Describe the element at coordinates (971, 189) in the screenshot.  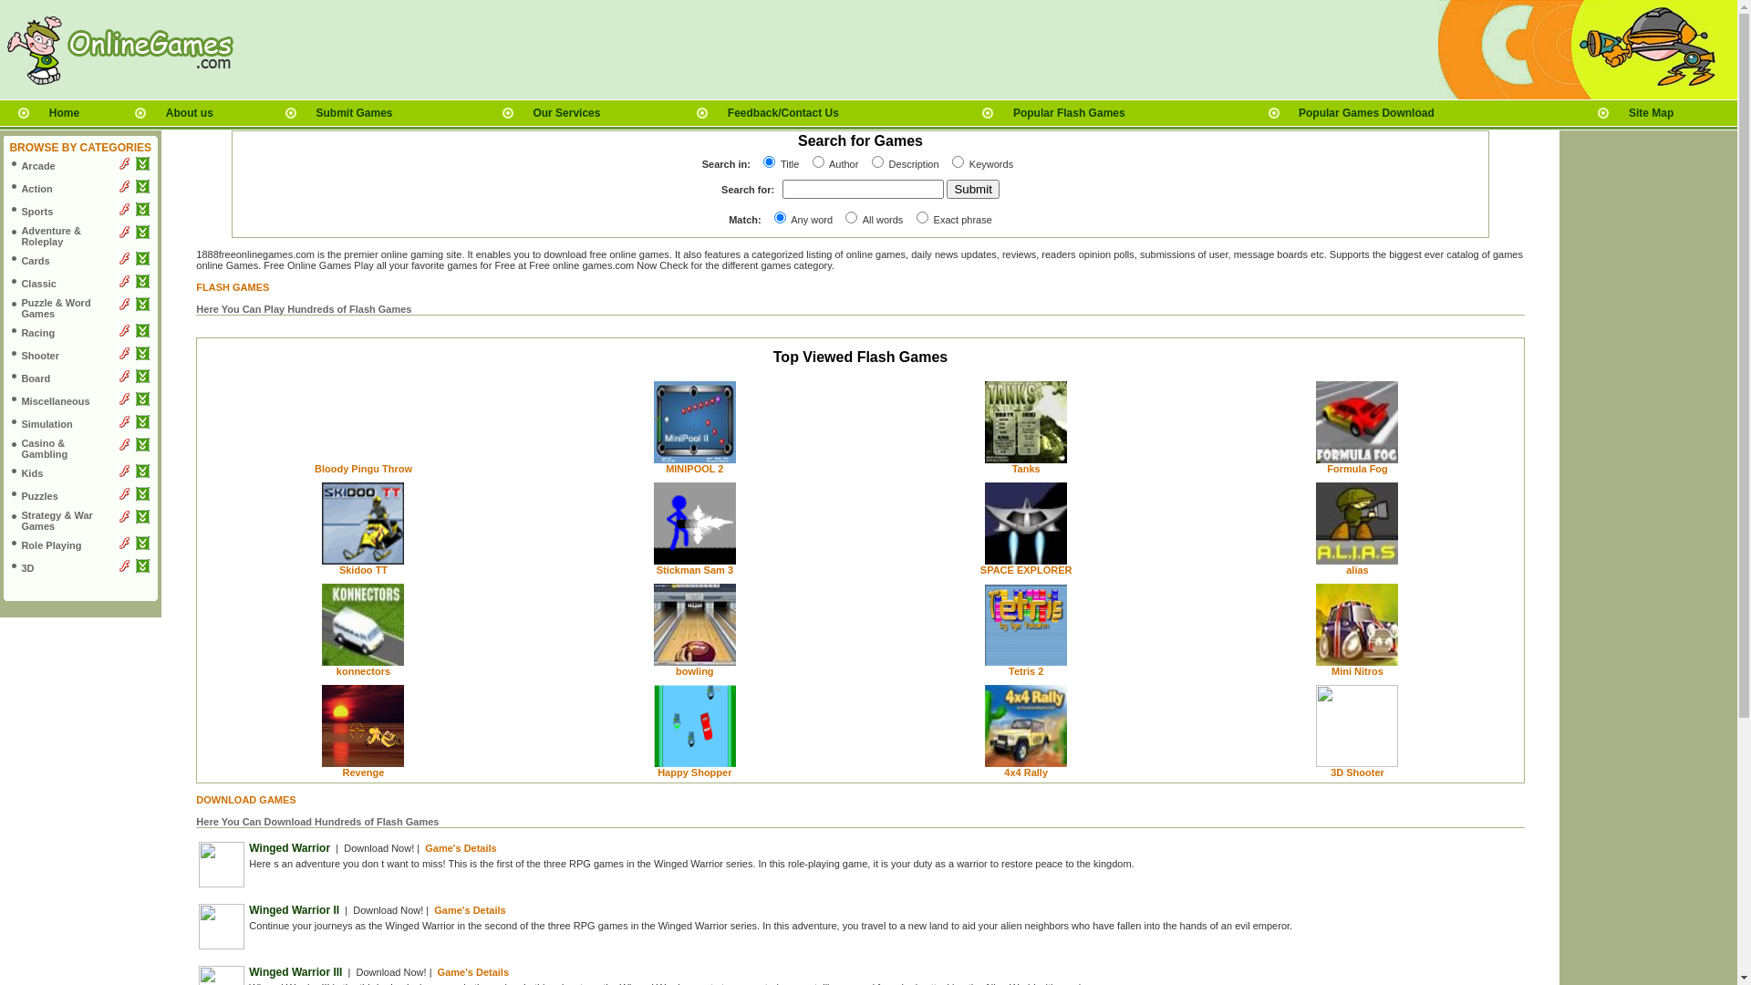
I see `'Submit'` at that location.